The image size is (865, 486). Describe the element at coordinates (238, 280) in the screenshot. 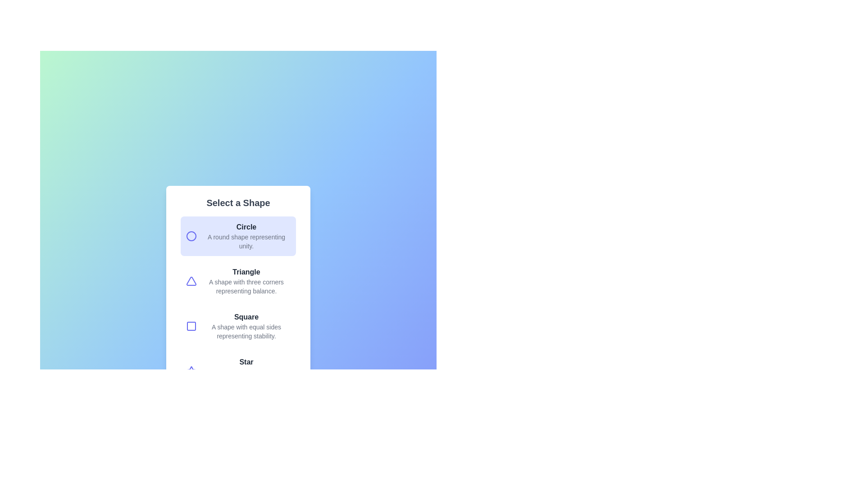

I see `the shape Triangle from the menu` at that location.